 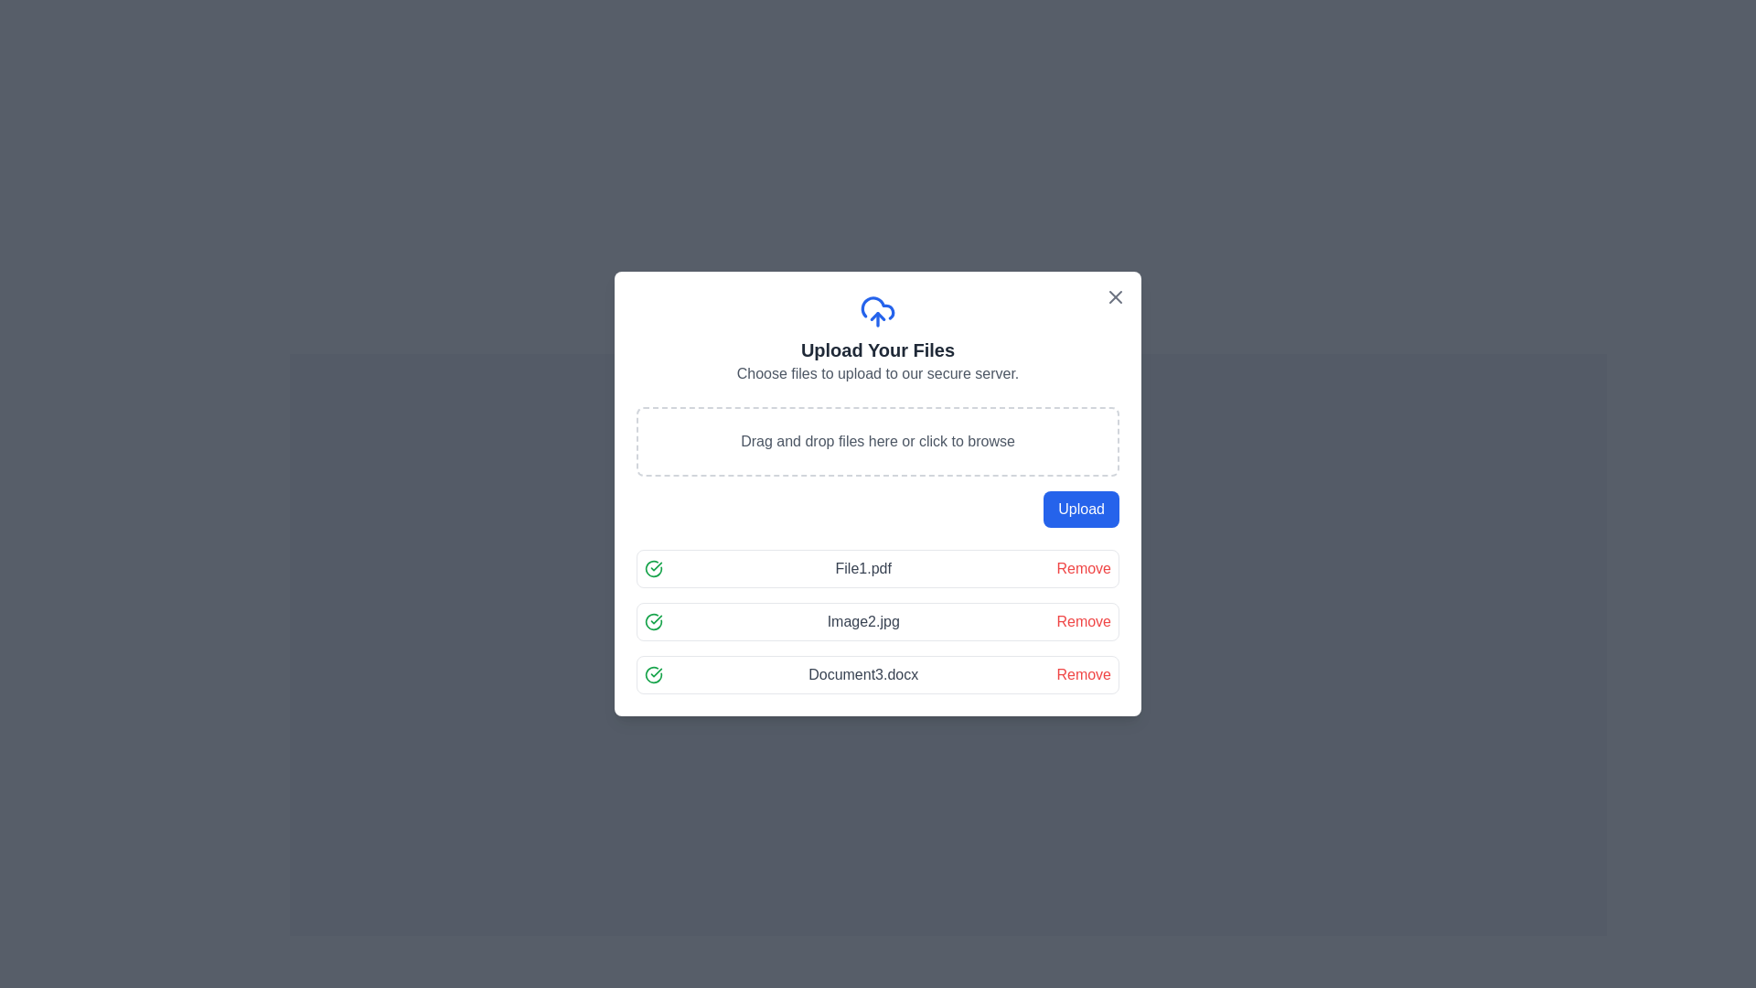 What do you see at coordinates (878, 674) in the screenshot?
I see `filename displayed in the last uploaded file entry, which is represented by a List Item with an Action Button, indicating a successful upload with a check icon` at bounding box center [878, 674].